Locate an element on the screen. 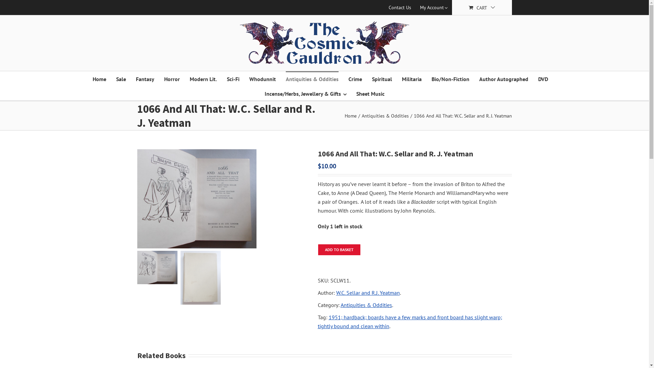  'Sheet Music' is located at coordinates (370, 93).